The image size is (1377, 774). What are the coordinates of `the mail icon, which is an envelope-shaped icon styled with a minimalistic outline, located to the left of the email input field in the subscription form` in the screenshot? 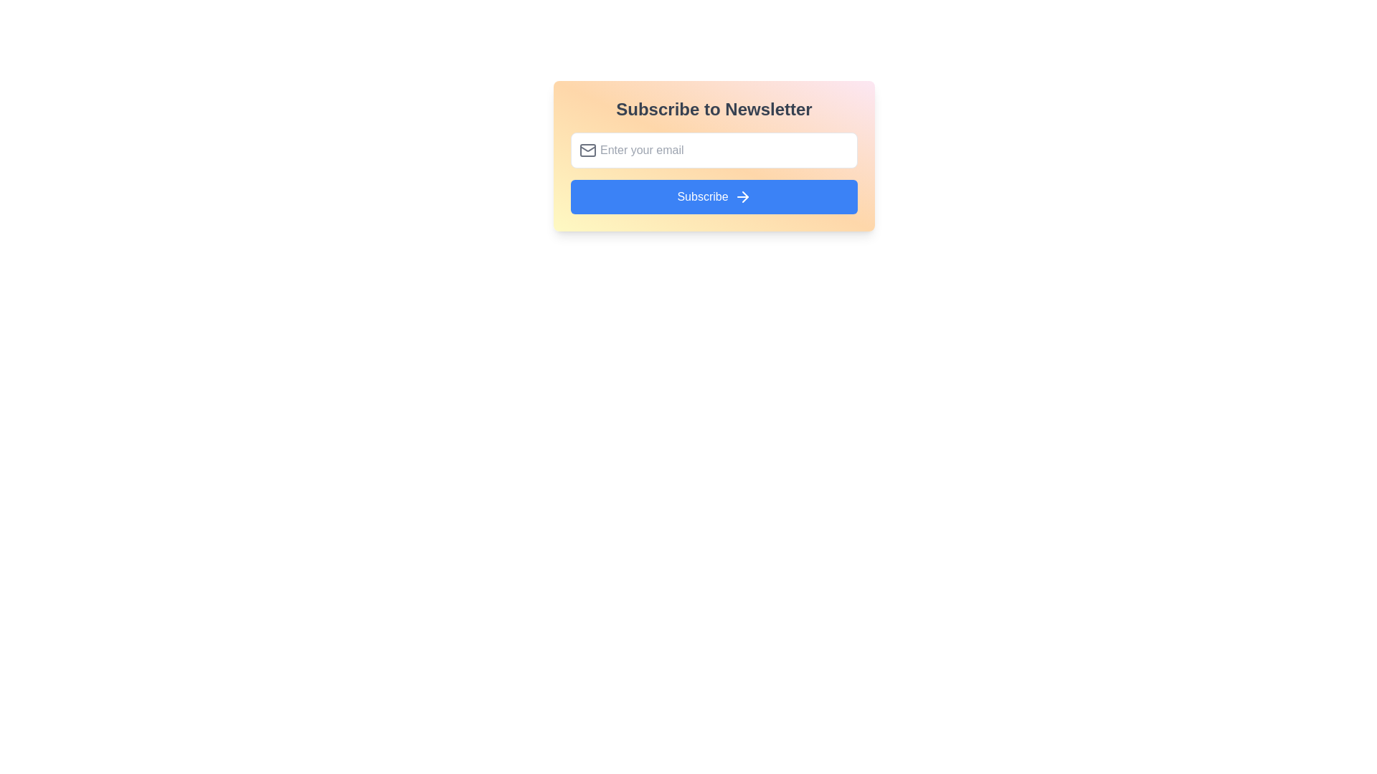 It's located at (588, 150).